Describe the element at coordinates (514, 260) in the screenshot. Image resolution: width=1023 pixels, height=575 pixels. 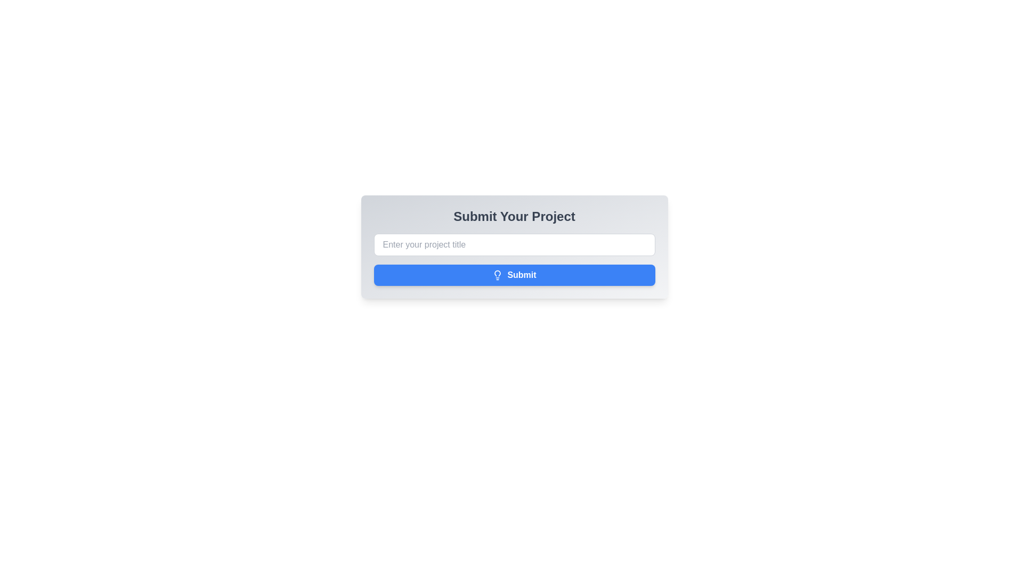
I see `the blue 'Submit' button located beneath the text input field in the 'Submit Your Project' prompt` at that location.